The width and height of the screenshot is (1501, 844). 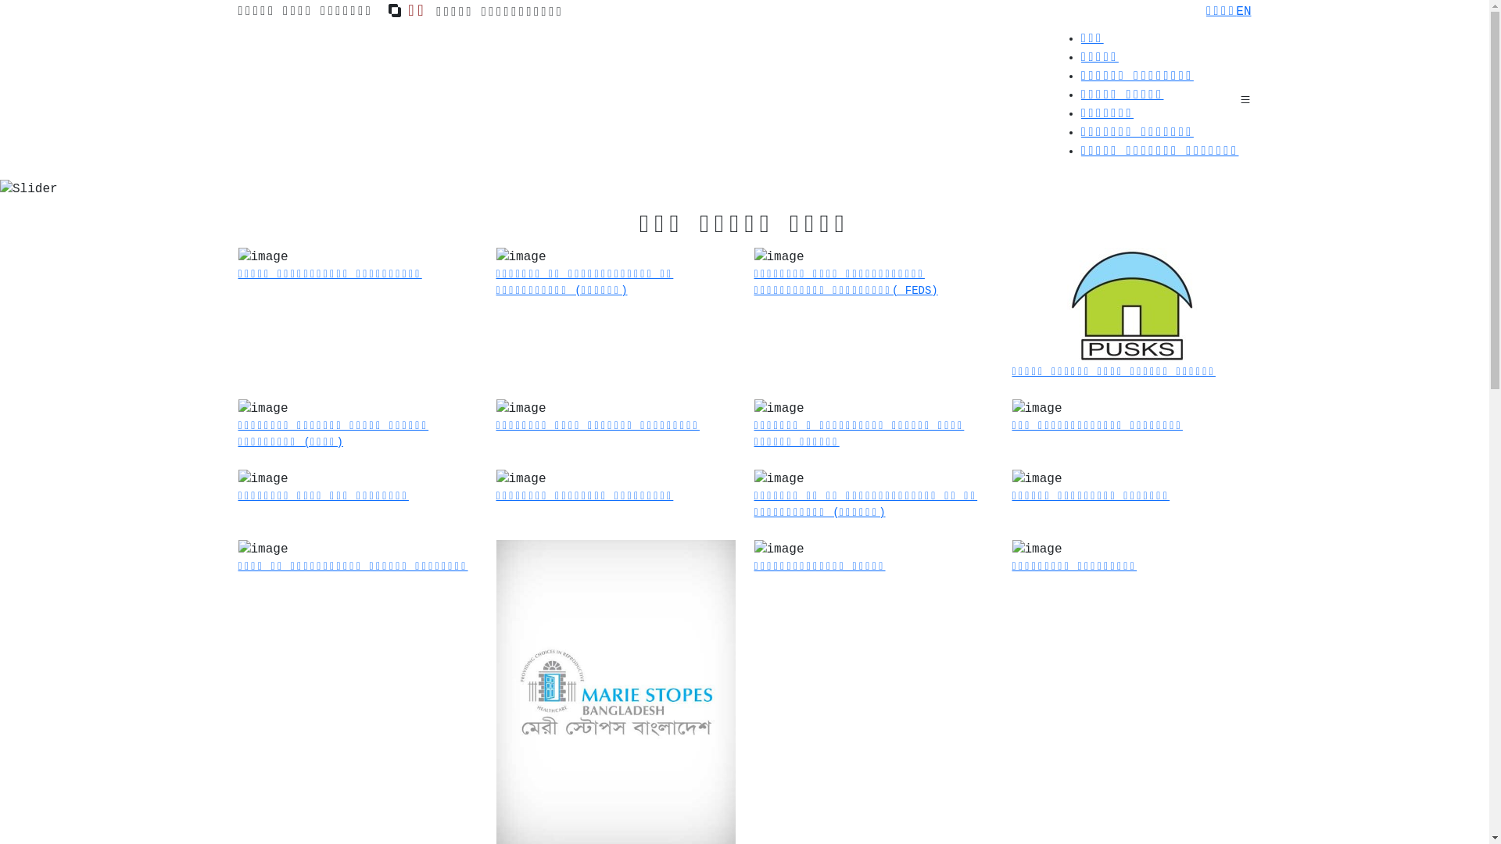 What do you see at coordinates (1234, 12) in the screenshot?
I see `'EN'` at bounding box center [1234, 12].